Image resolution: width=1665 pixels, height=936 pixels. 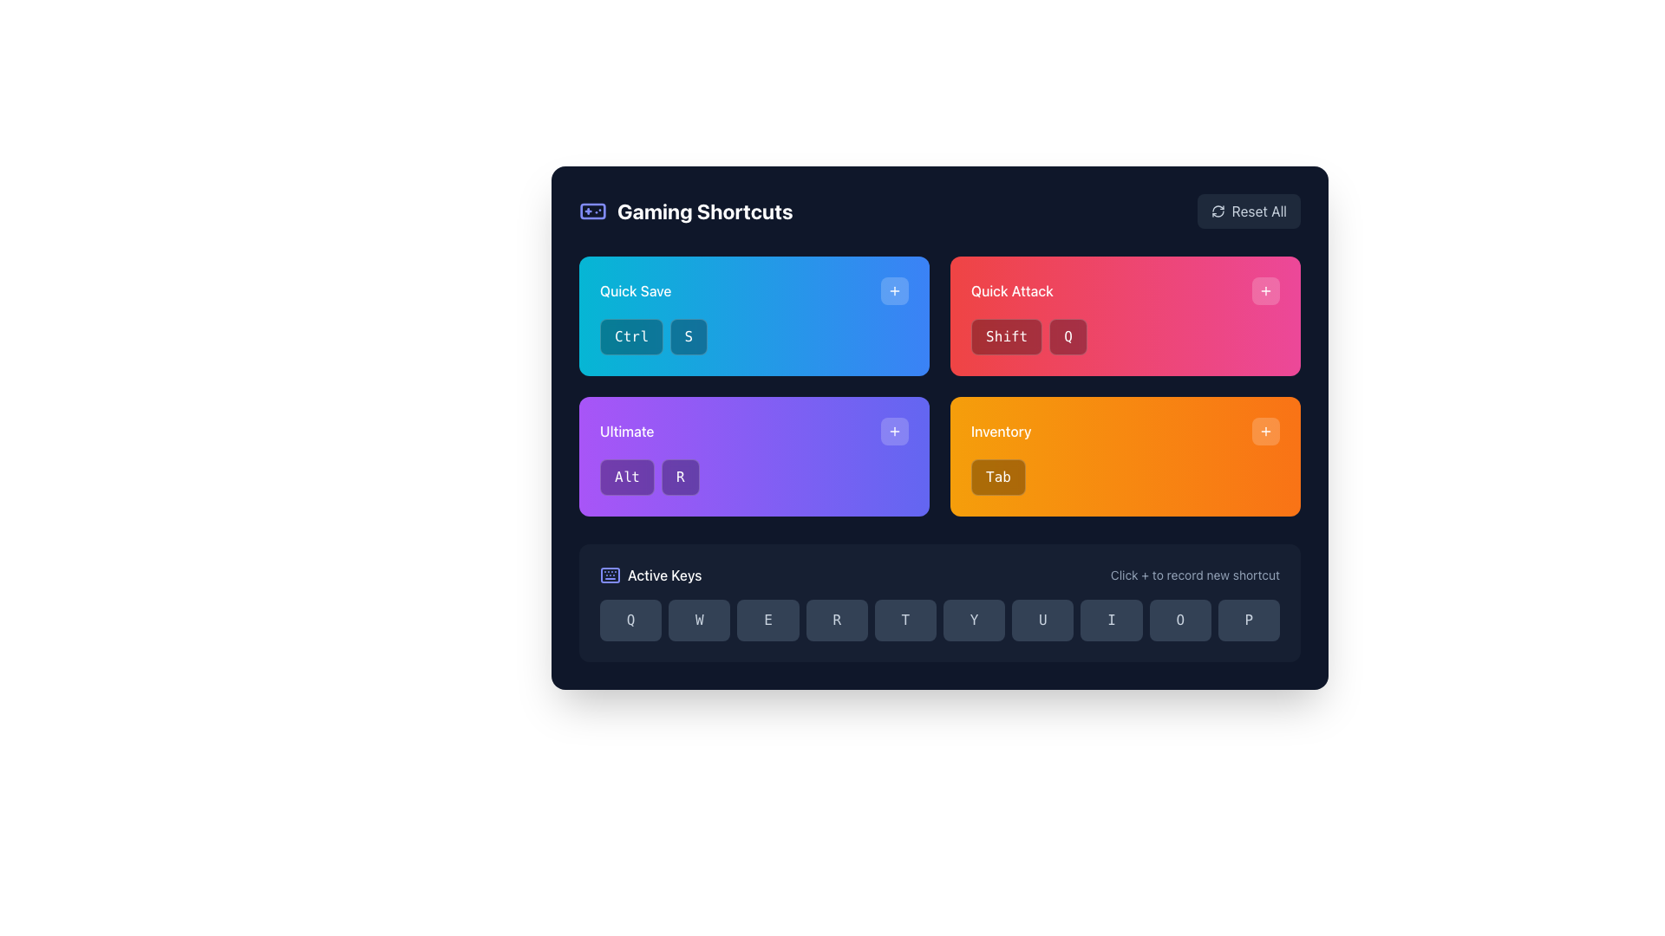 What do you see at coordinates (1068, 337) in the screenshot?
I see `the small rectangular button labeled 'Q' with a rounded appearance, located in the 'Quick Attack' shortcut panel, to the right of the 'Shift' button` at bounding box center [1068, 337].